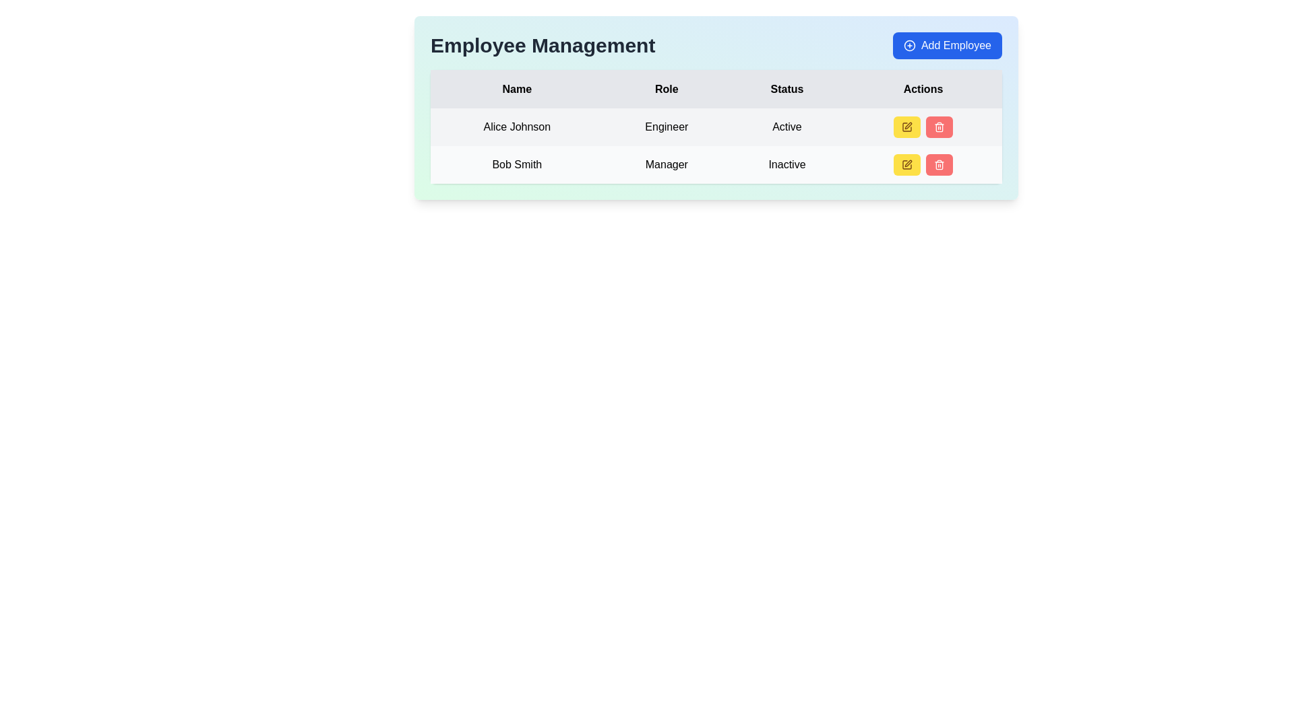 This screenshot has width=1294, height=727. What do you see at coordinates (938, 127) in the screenshot?
I see `the delete icon button located in the second row under the 'Actions' column of the table` at bounding box center [938, 127].